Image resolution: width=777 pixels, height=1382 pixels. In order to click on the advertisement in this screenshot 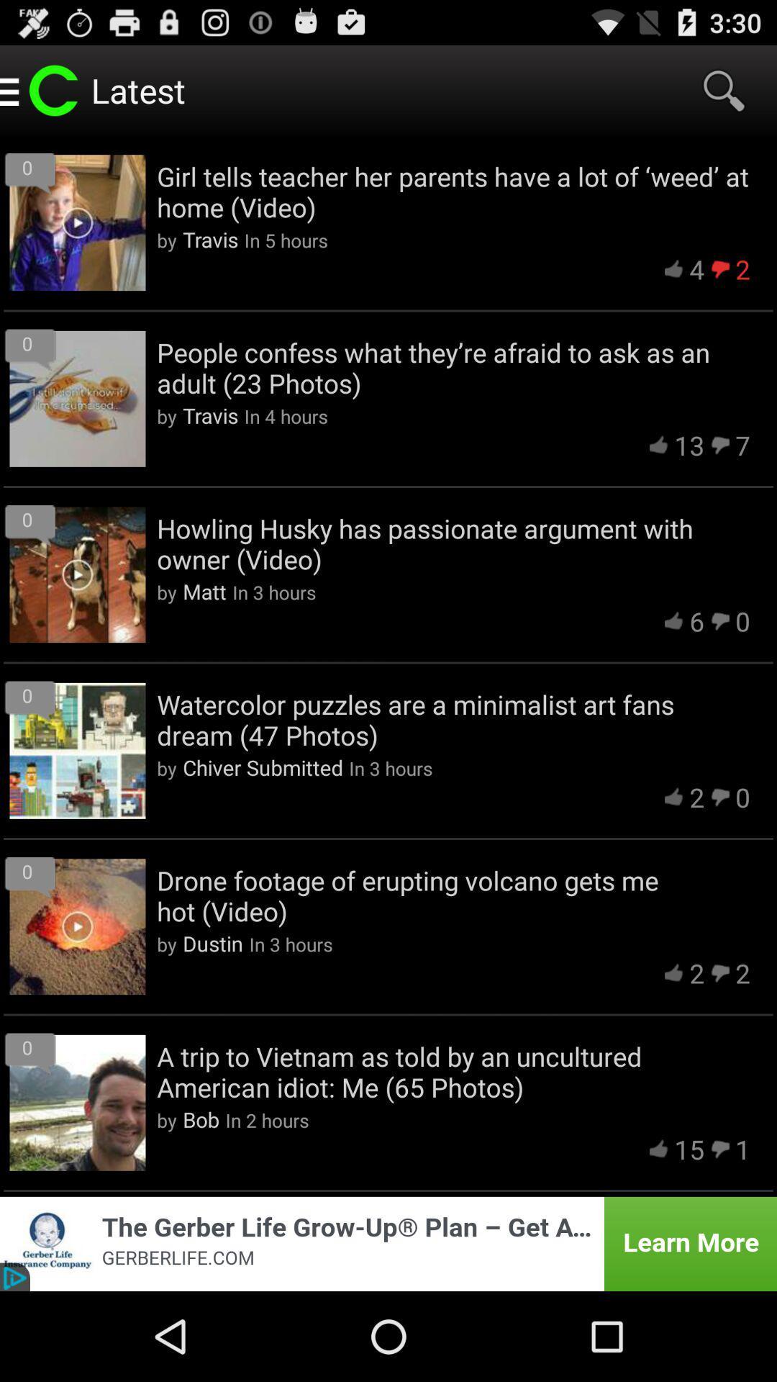, I will do `click(388, 1243)`.